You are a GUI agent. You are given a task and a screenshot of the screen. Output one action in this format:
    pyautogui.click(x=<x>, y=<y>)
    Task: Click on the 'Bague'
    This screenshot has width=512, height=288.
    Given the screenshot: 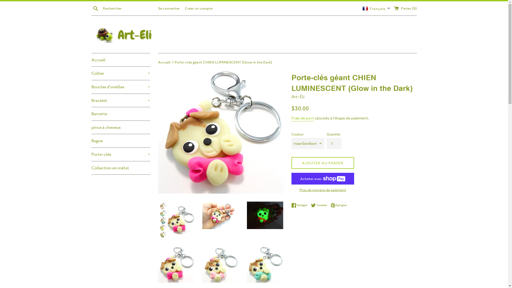 What is the action you would take?
    pyautogui.click(x=120, y=141)
    